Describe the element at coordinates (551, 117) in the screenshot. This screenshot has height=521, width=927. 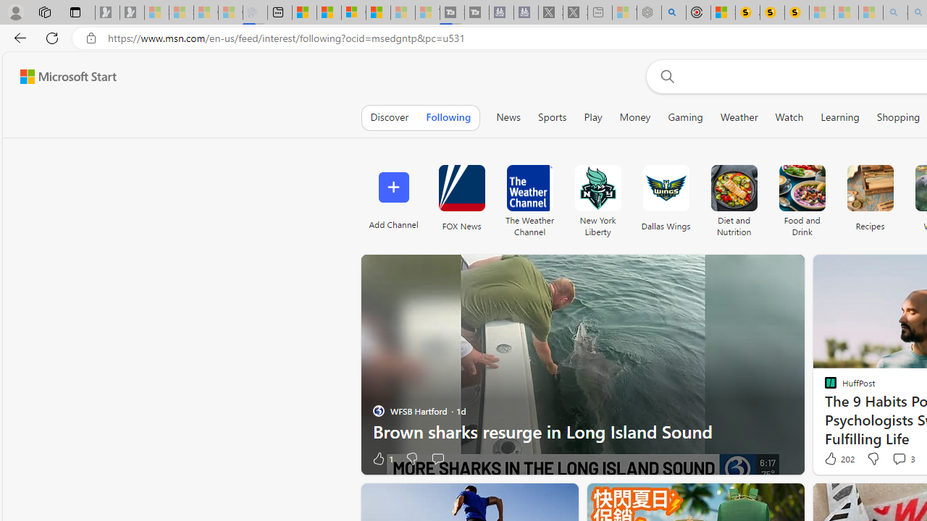
I see `'Sports'` at that location.